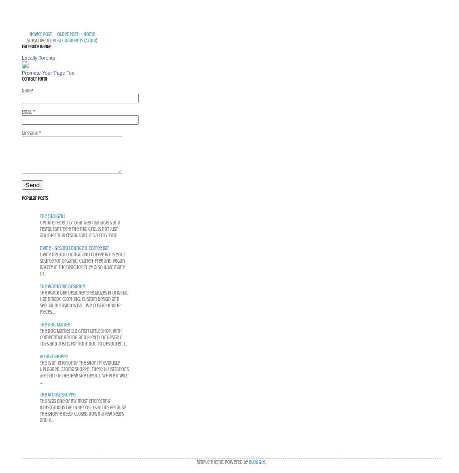 This screenshot has width=459, height=473. What do you see at coordinates (21, 57) in the screenshot?
I see `'Locally Toronto'` at bounding box center [21, 57].